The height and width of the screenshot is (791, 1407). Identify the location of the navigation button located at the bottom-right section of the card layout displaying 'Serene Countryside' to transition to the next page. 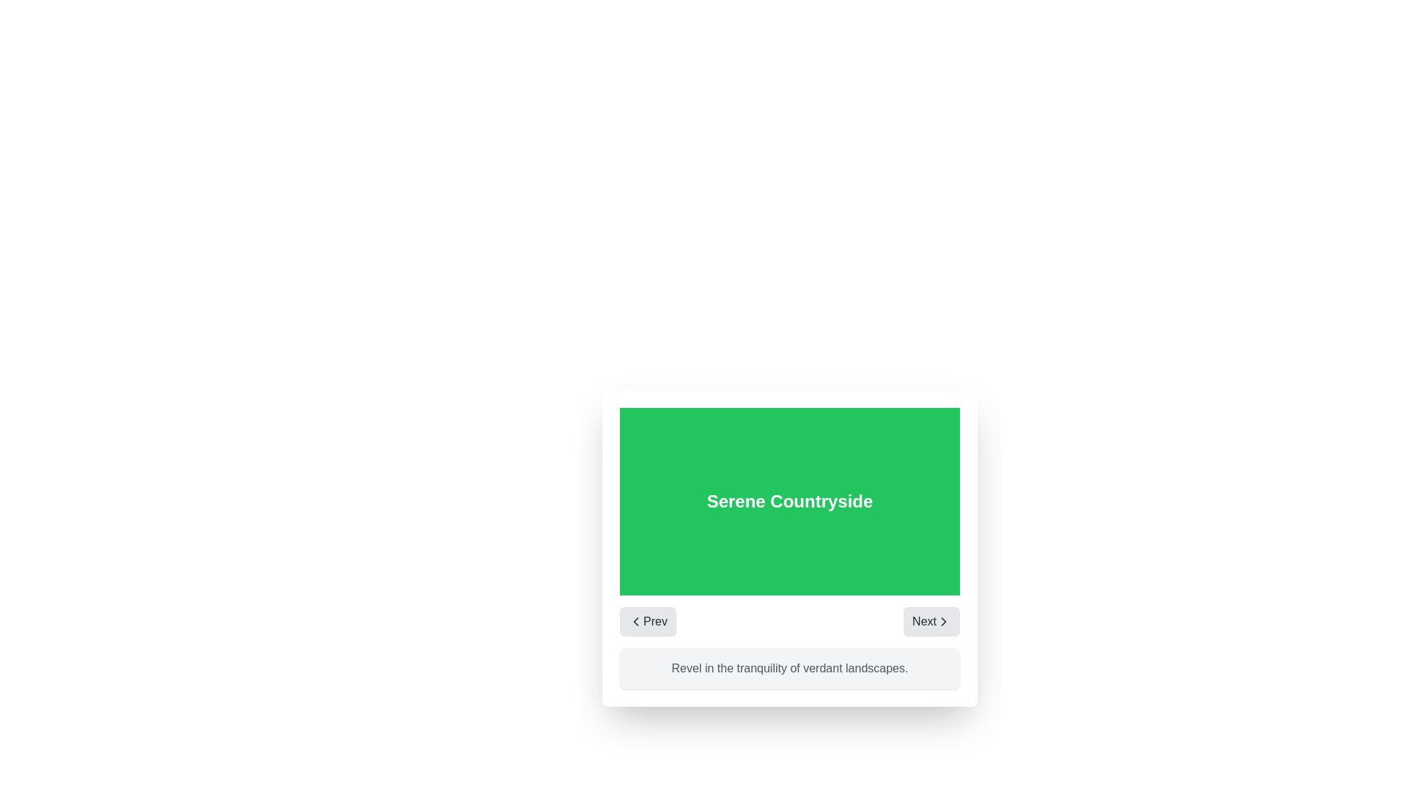
(931, 621).